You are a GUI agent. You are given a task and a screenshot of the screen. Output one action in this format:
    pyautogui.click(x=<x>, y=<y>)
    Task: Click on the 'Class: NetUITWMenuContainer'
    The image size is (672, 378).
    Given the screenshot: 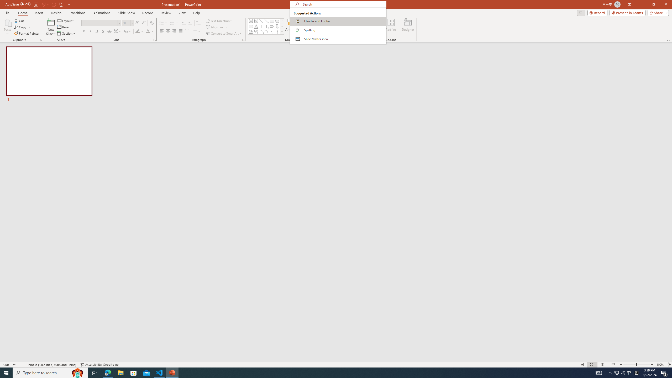 What is the action you would take?
    pyautogui.click(x=338, y=25)
    